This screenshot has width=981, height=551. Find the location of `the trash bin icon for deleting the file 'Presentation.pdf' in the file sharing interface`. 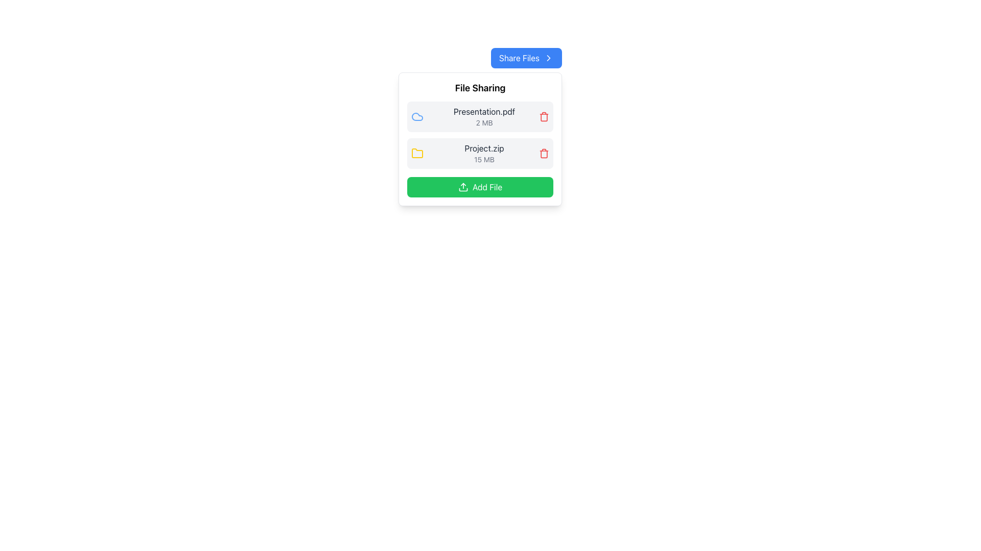

the trash bin icon for deleting the file 'Presentation.pdf' in the file sharing interface is located at coordinates (544, 116).